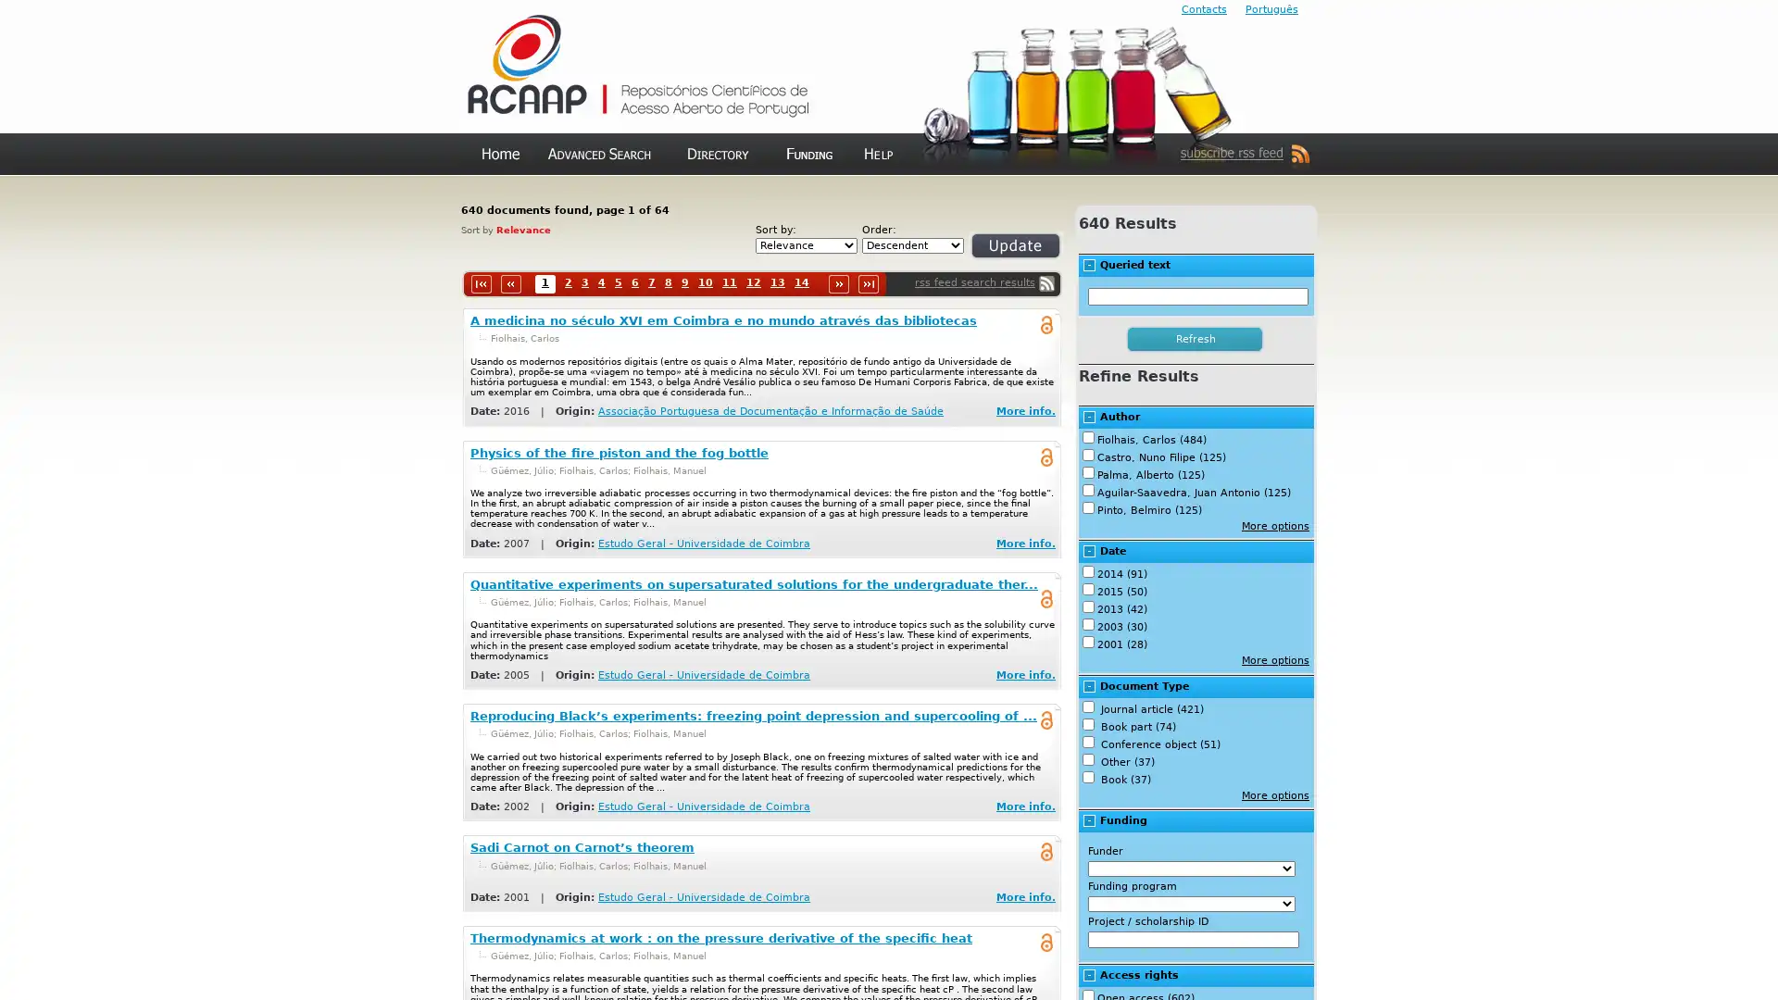  I want to click on Refresh, so click(1196, 339).